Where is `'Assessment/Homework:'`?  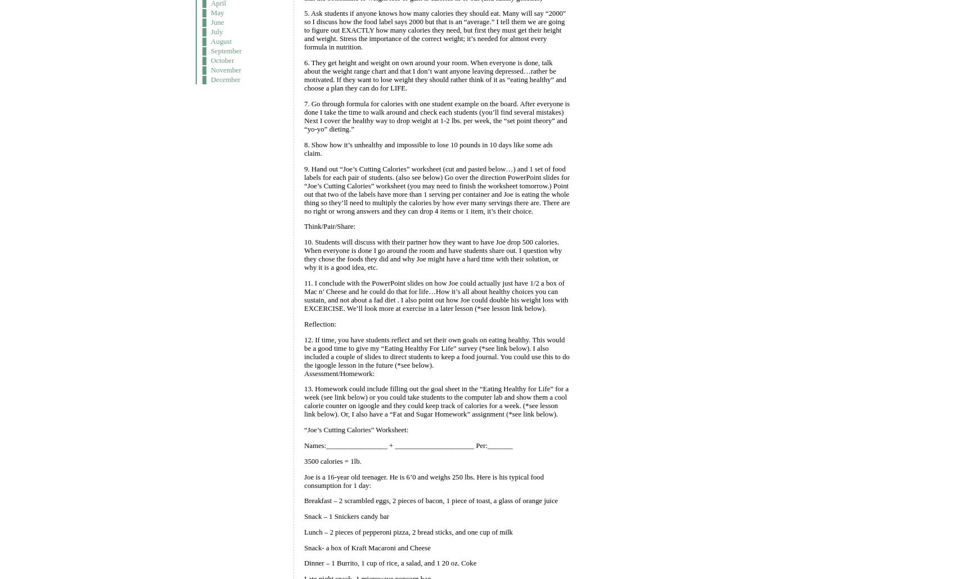 'Assessment/Homework:' is located at coordinates (339, 373).